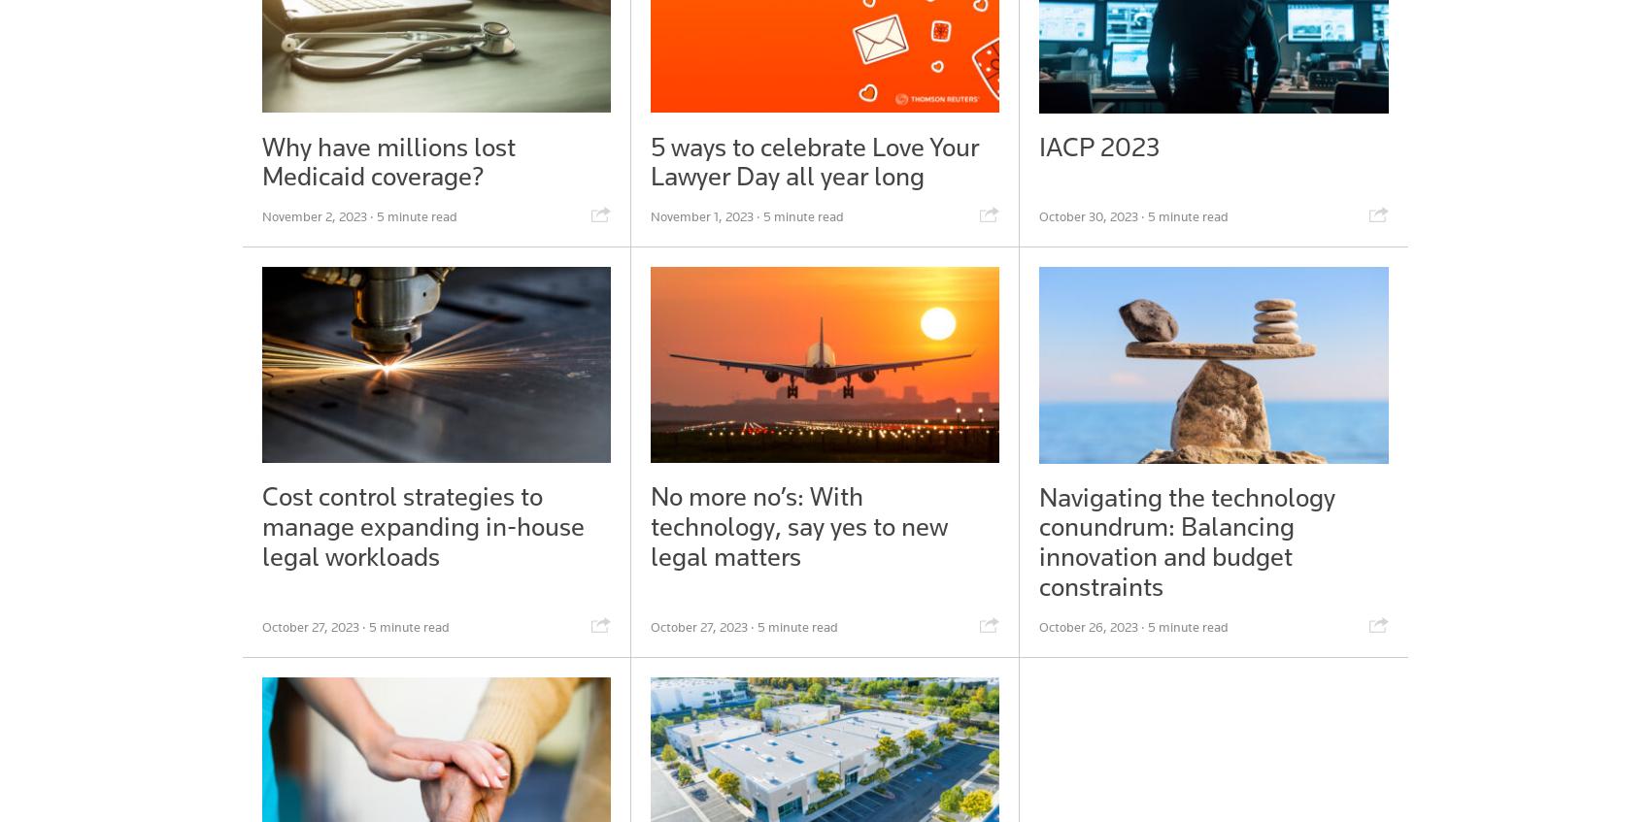 The image size is (1651, 822). What do you see at coordinates (1185, 542) in the screenshot?
I see `'Navigating the technology conundrum: Balancing innovation and budget constraints'` at bounding box center [1185, 542].